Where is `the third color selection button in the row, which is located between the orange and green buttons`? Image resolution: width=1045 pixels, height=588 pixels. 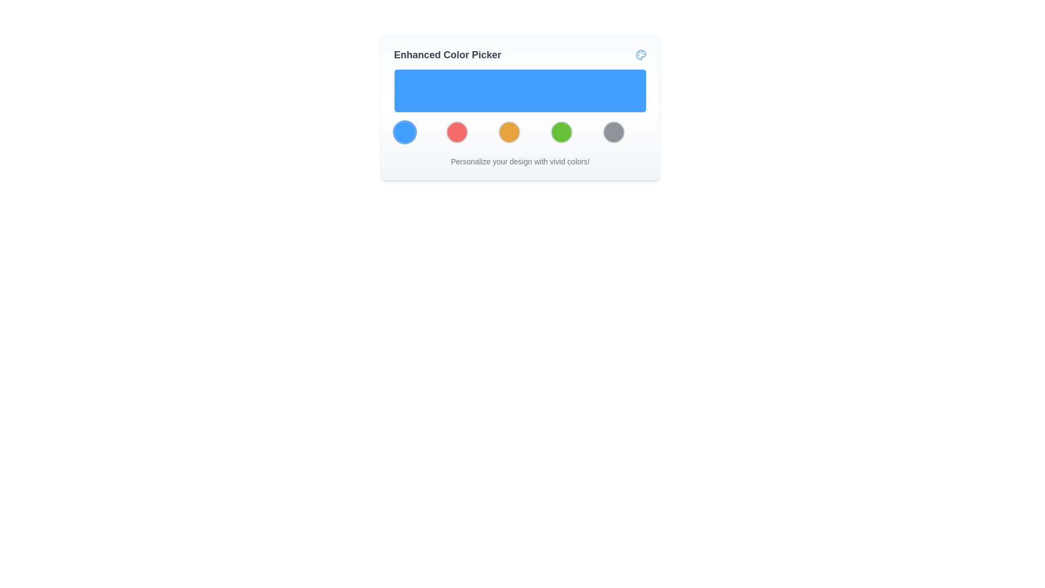 the third color selection button in the row, which is located between the orange and green buttons is located at coordinates (519, 132).